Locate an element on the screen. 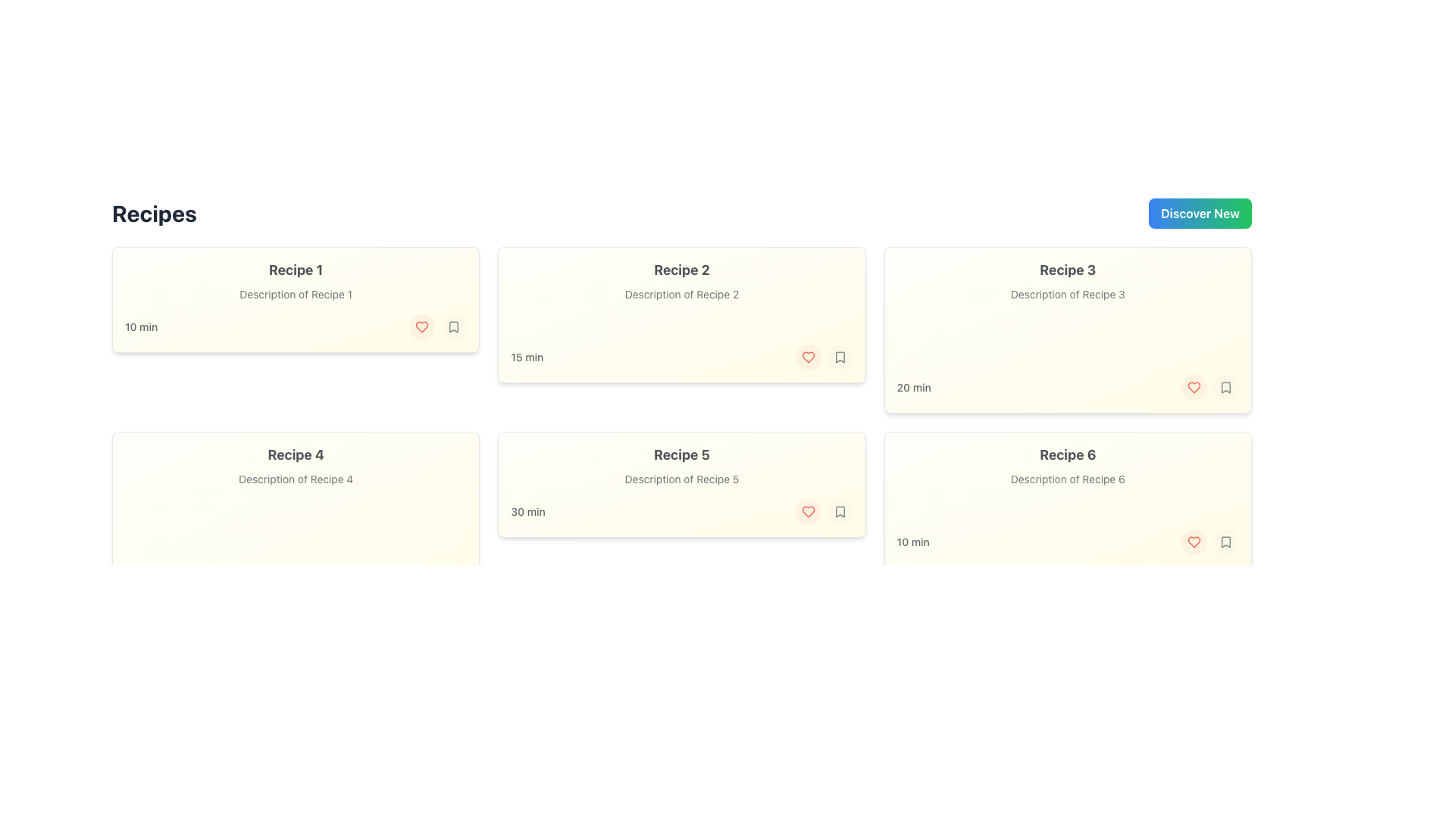 The width and height of the screenshot is (1455, 818). the decorative background overlay of the content card for 'Recipe 5', which is located in the second row of the grid layout is located at coordinates (681, 485).